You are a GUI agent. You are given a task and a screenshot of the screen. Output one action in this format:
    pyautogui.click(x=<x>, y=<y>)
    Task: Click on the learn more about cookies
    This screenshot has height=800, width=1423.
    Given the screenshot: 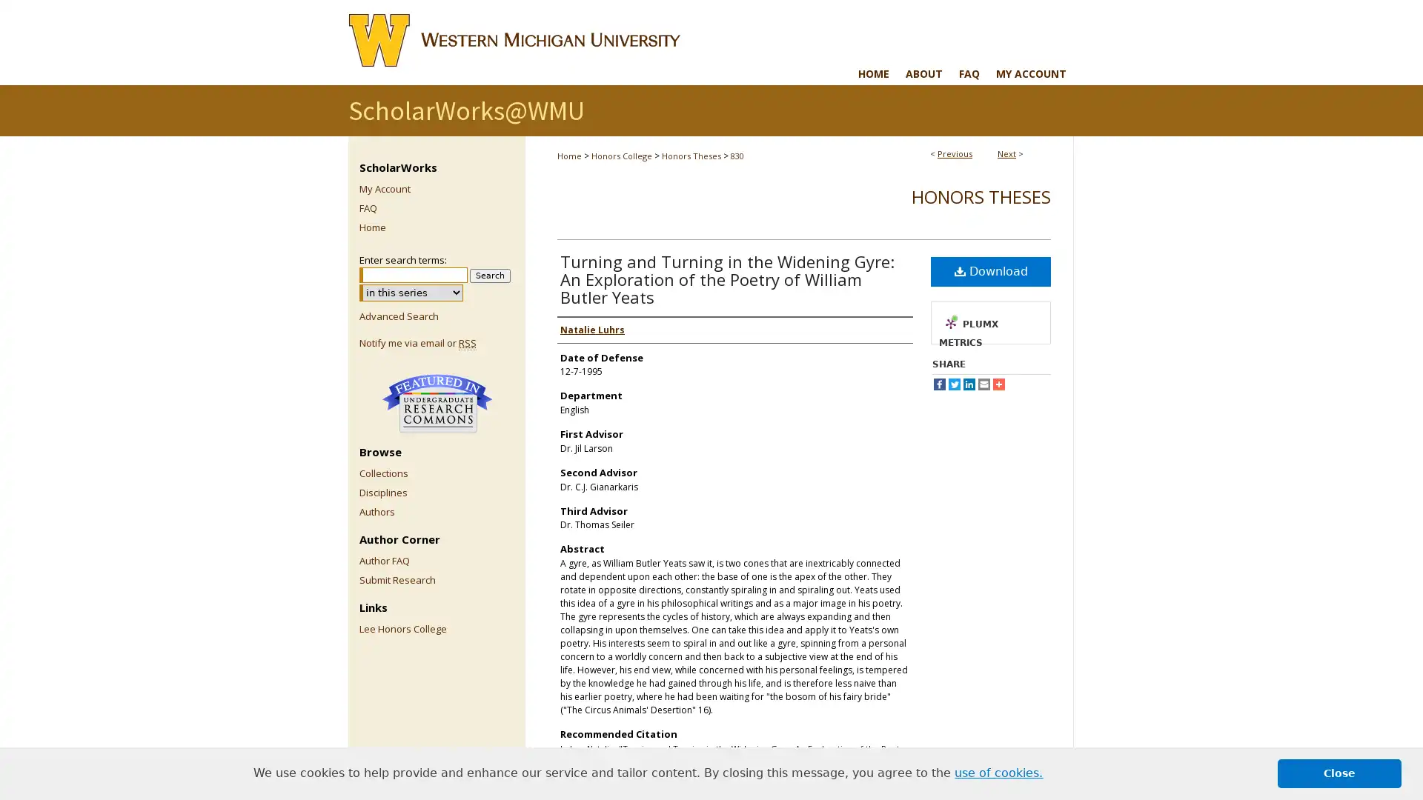 What is the action you would take?
    pyautogui.click(x=998, y=773)
    